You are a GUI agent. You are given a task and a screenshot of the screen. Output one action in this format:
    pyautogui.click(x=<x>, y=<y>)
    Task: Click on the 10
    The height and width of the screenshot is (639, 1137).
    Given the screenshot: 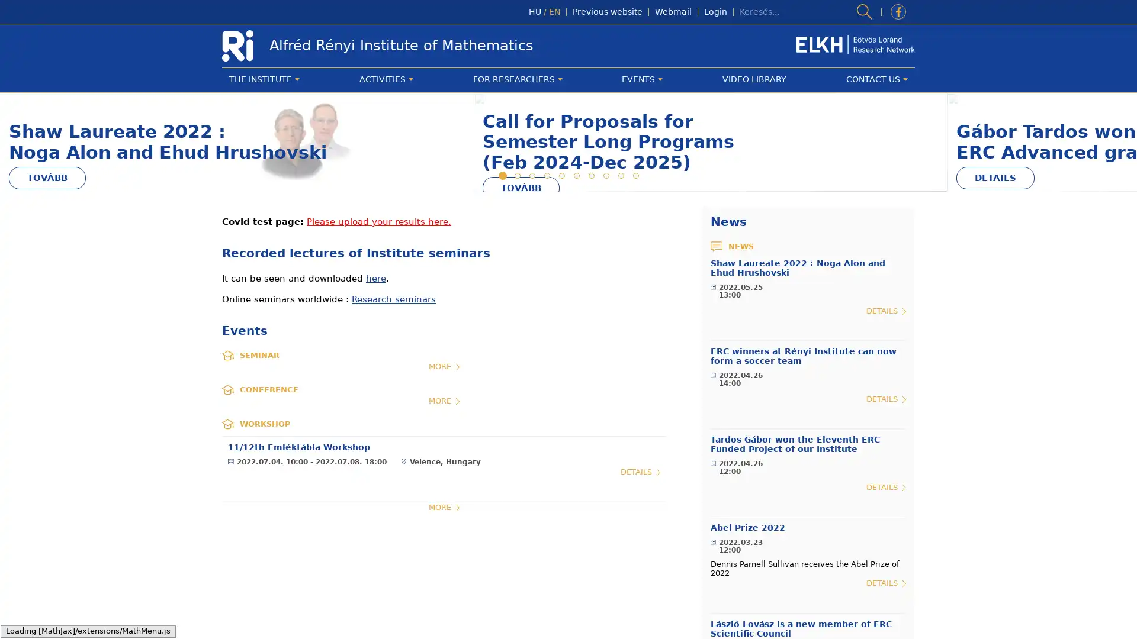 What is the action you would take?
    pyautogui.click(x=634, y=312)
    